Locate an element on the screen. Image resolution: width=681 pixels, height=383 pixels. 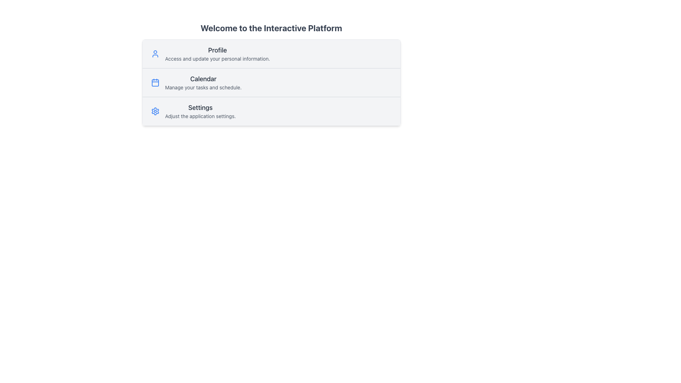
the informational label set displaying 'Settings' and 'Adjust the application settings', which is the third item in a vertical list of options is located at coordinates (200, 111).